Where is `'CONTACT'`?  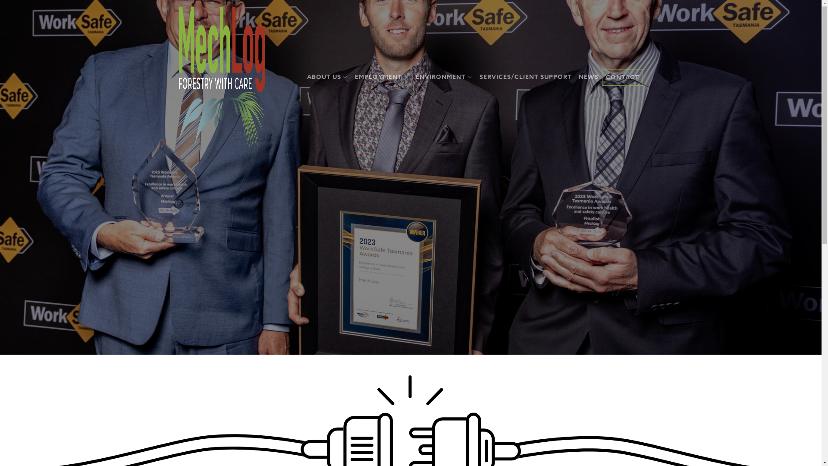
'CONTACT' is located at coordinates (602, 77).